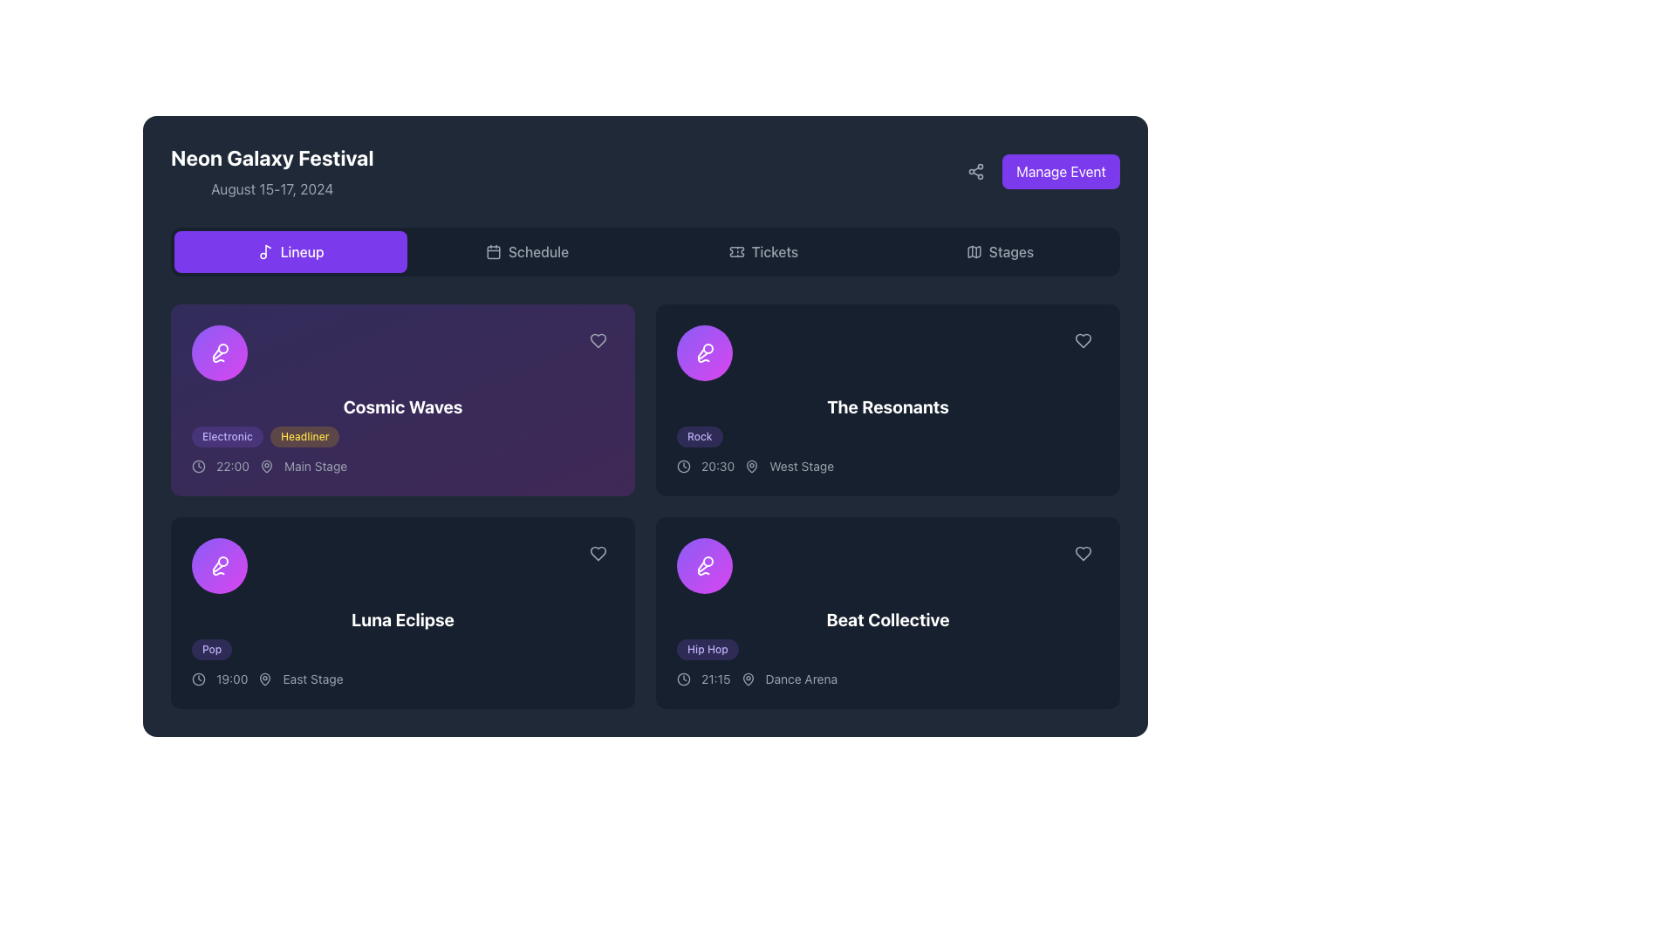  Describe the element at coordinates (1083, 554) in the screenshot. I see `the Heart Icon located in the bottom-right region of the 'Beat Collective' event card` at that location.